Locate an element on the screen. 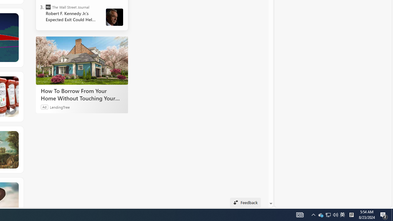  'The Wall Street Journal' is located at coordinates (48, 7).